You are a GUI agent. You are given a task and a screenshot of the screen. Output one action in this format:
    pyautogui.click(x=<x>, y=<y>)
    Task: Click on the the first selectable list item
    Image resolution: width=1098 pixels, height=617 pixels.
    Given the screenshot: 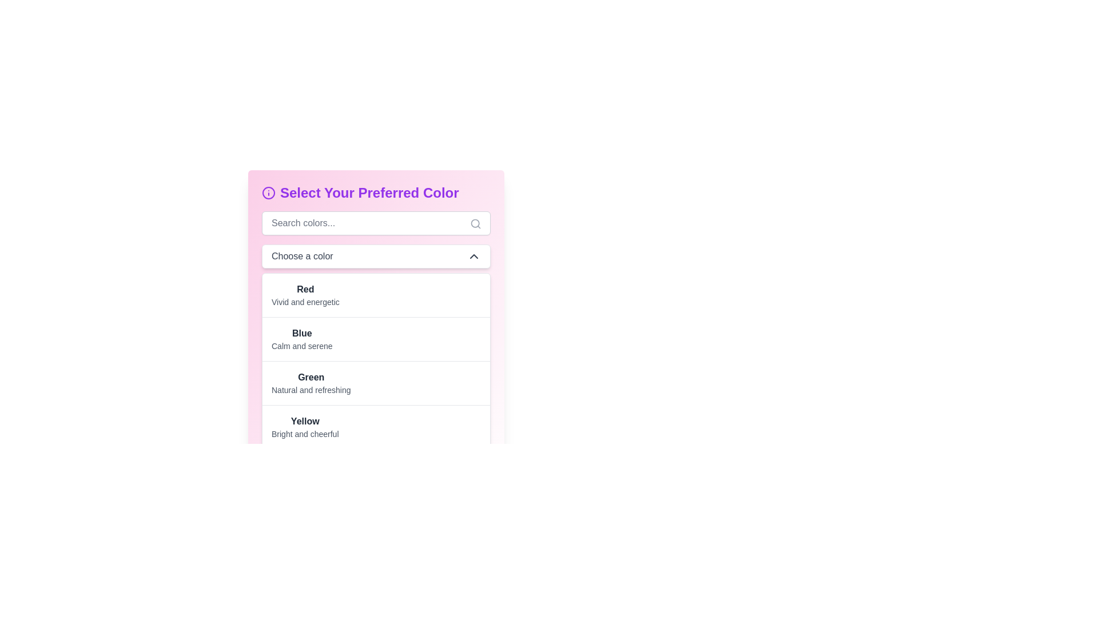 What is the action you would take?
    pyautogui.click(x=376, y=299)
    